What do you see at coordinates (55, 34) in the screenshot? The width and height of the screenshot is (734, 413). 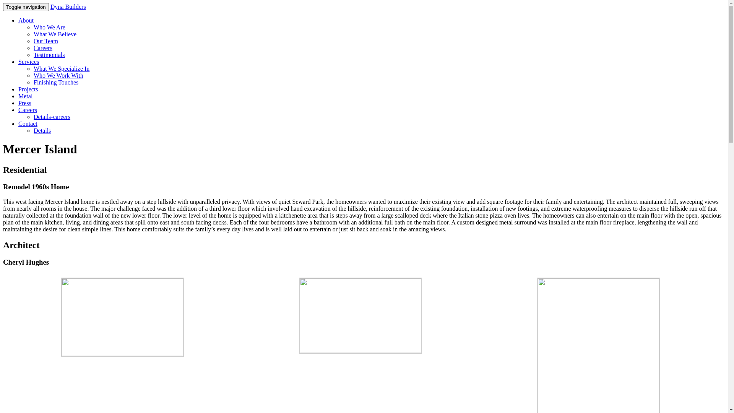 I see `'What We Believe'` at bounding box center [55, 34].